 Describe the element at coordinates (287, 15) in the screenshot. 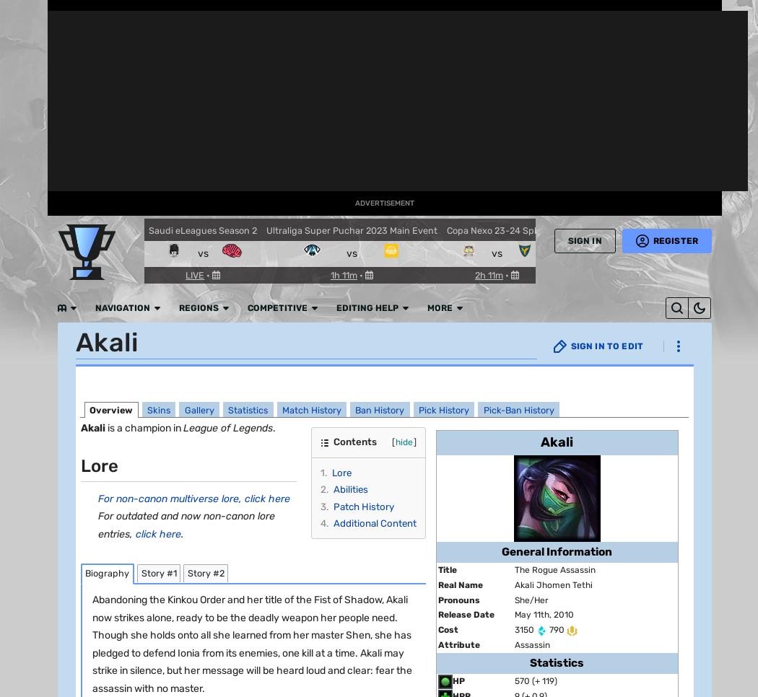

I see `'Competitive'` at that location.